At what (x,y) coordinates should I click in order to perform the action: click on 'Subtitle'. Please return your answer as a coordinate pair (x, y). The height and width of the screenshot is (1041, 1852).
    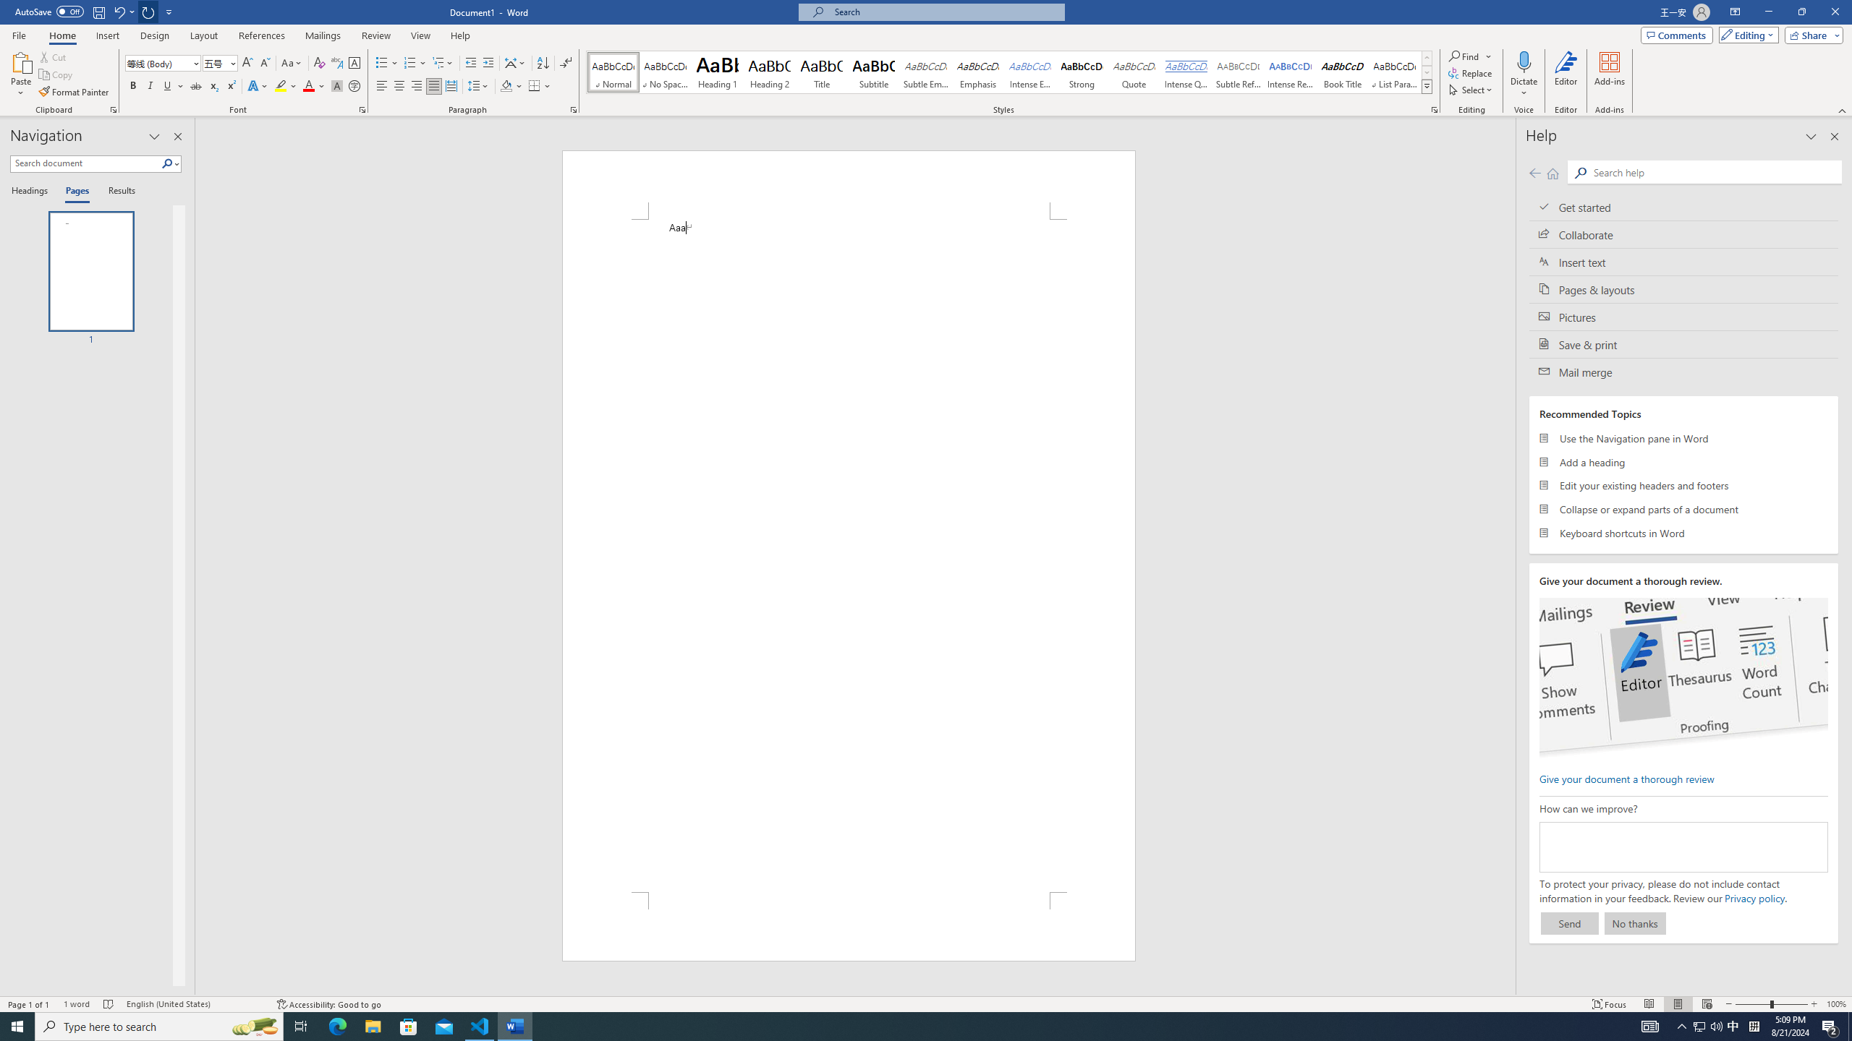
    Looking at the image, I should click on (873, 72).